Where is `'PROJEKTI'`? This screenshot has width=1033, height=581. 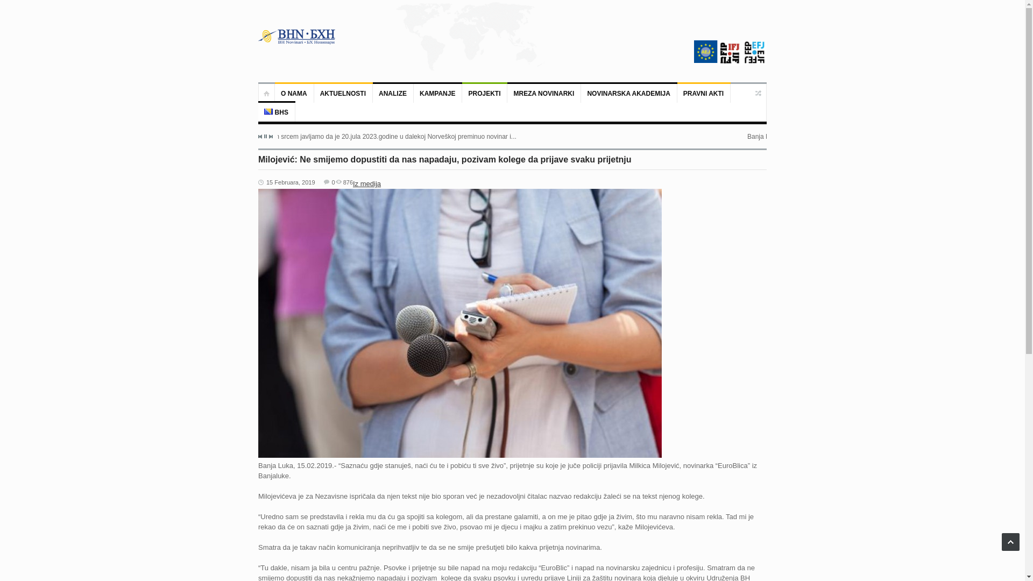 'PROJEKTI' is located at coordinates (484, 93).